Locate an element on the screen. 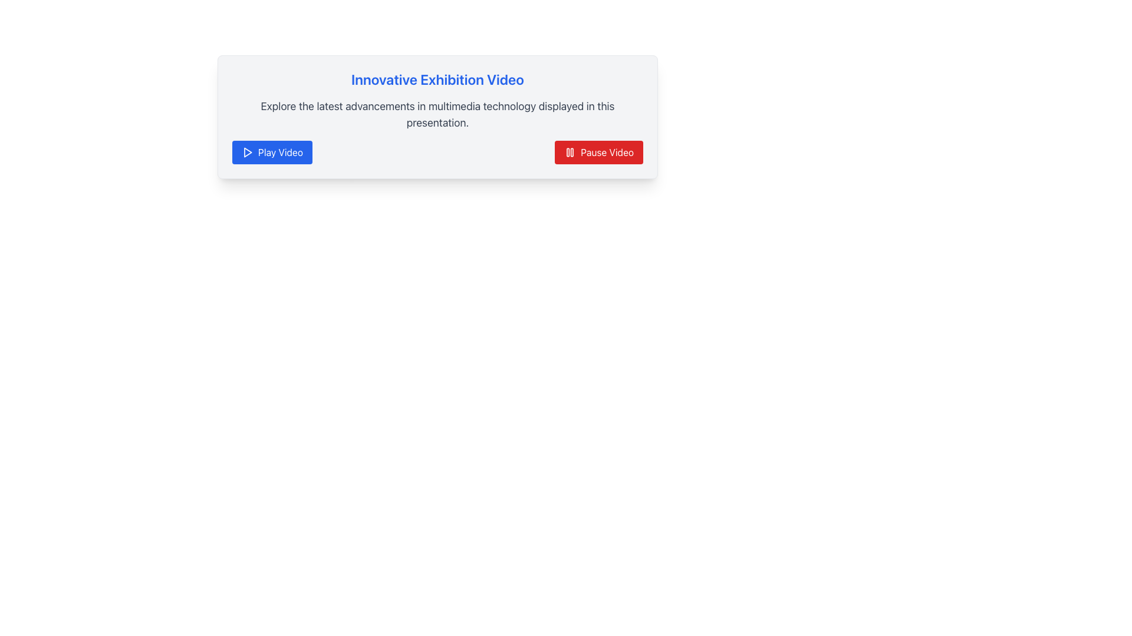 The width and height of the screenshot is (1132, 636). the descriptive text block located below the blue title 'Innovative Exhibition Video' and above the 'Play Video' and 'Pause Video' buttons is located at coordinates (437, 115).